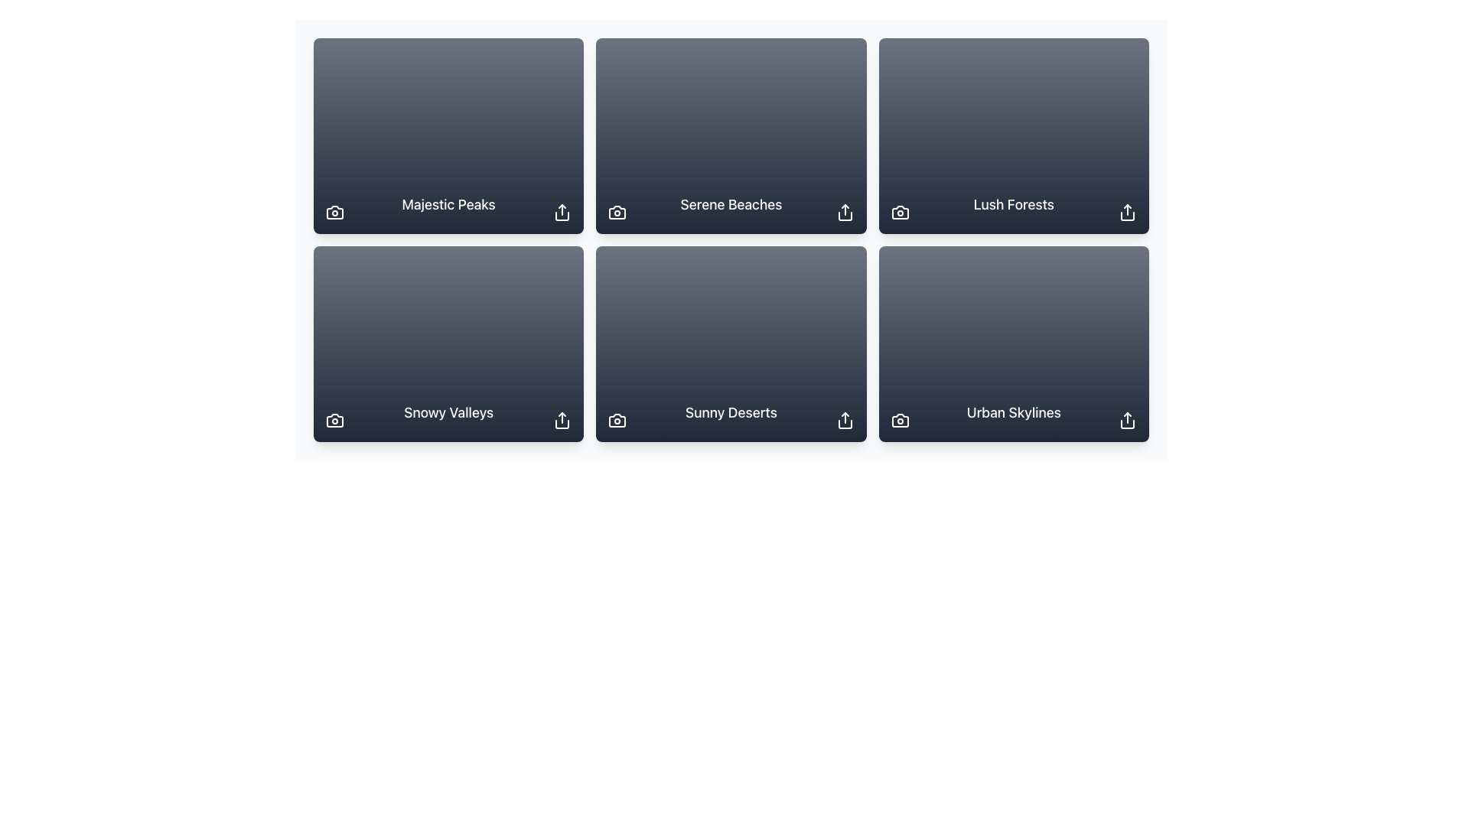 This screenshot has width=1469, height=826. What do you see at coordinates (448, 214) in the screenshot?
I see `text label titled 'Majestic Peaks' located in the upper-center of the card in the grid layout` at bounding box center [448, 214].